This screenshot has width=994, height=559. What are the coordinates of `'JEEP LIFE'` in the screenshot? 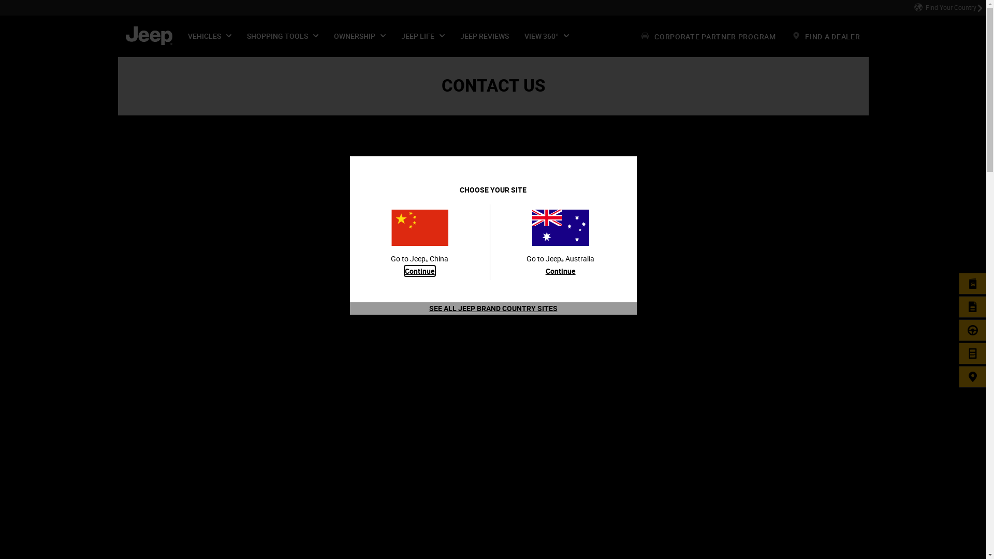 It's located at (422, 35).